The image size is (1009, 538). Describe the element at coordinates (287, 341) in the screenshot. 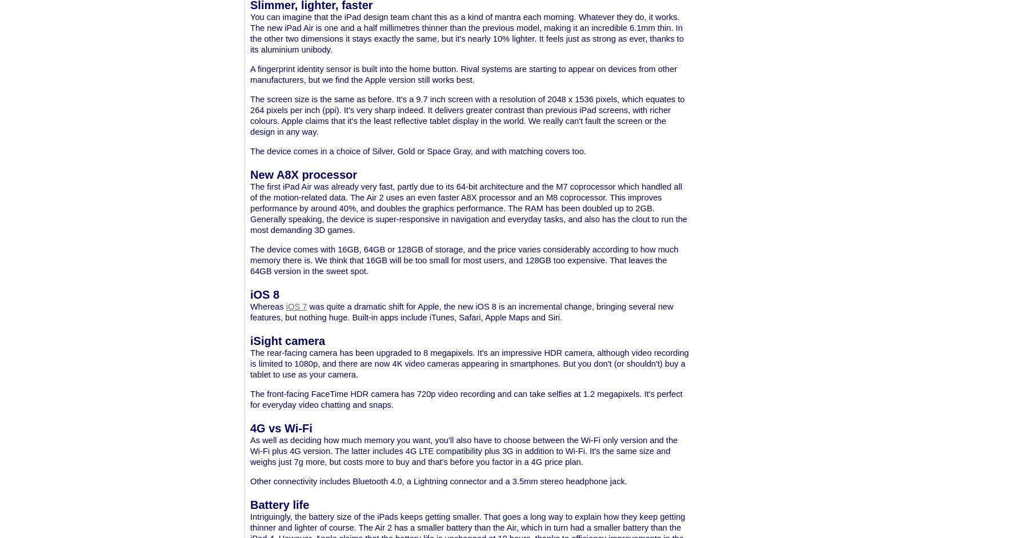

I see `'iSight camera'` at that location.